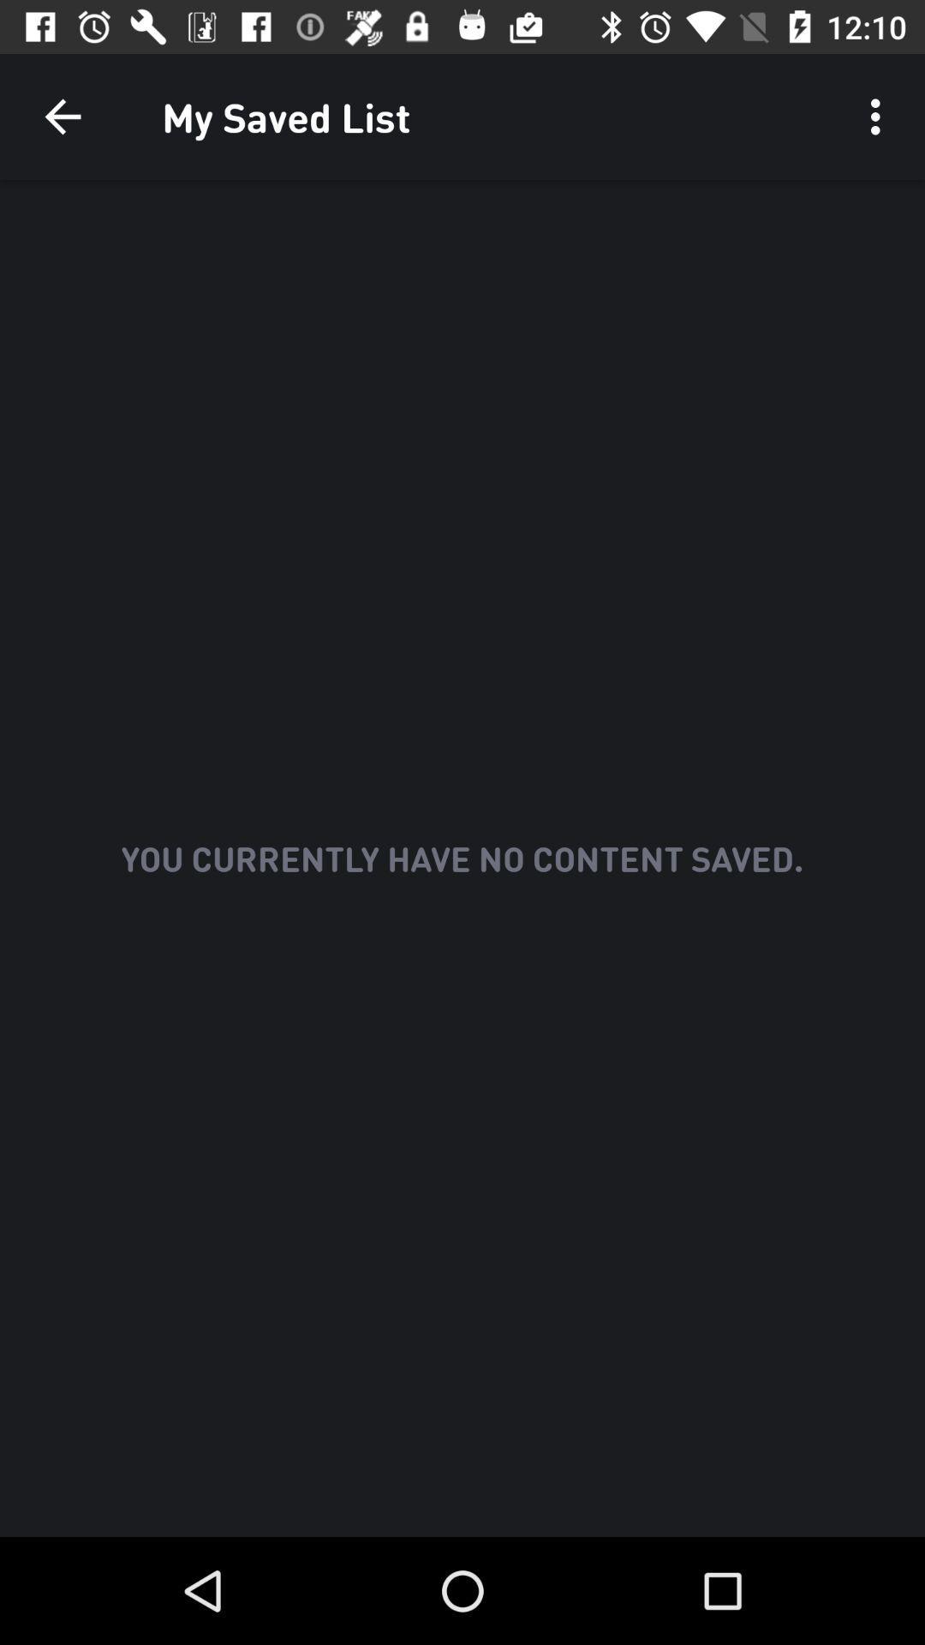  Describe the element at coordinates (880, 117) in the screenshot. I see `menu option at top right` at that location.